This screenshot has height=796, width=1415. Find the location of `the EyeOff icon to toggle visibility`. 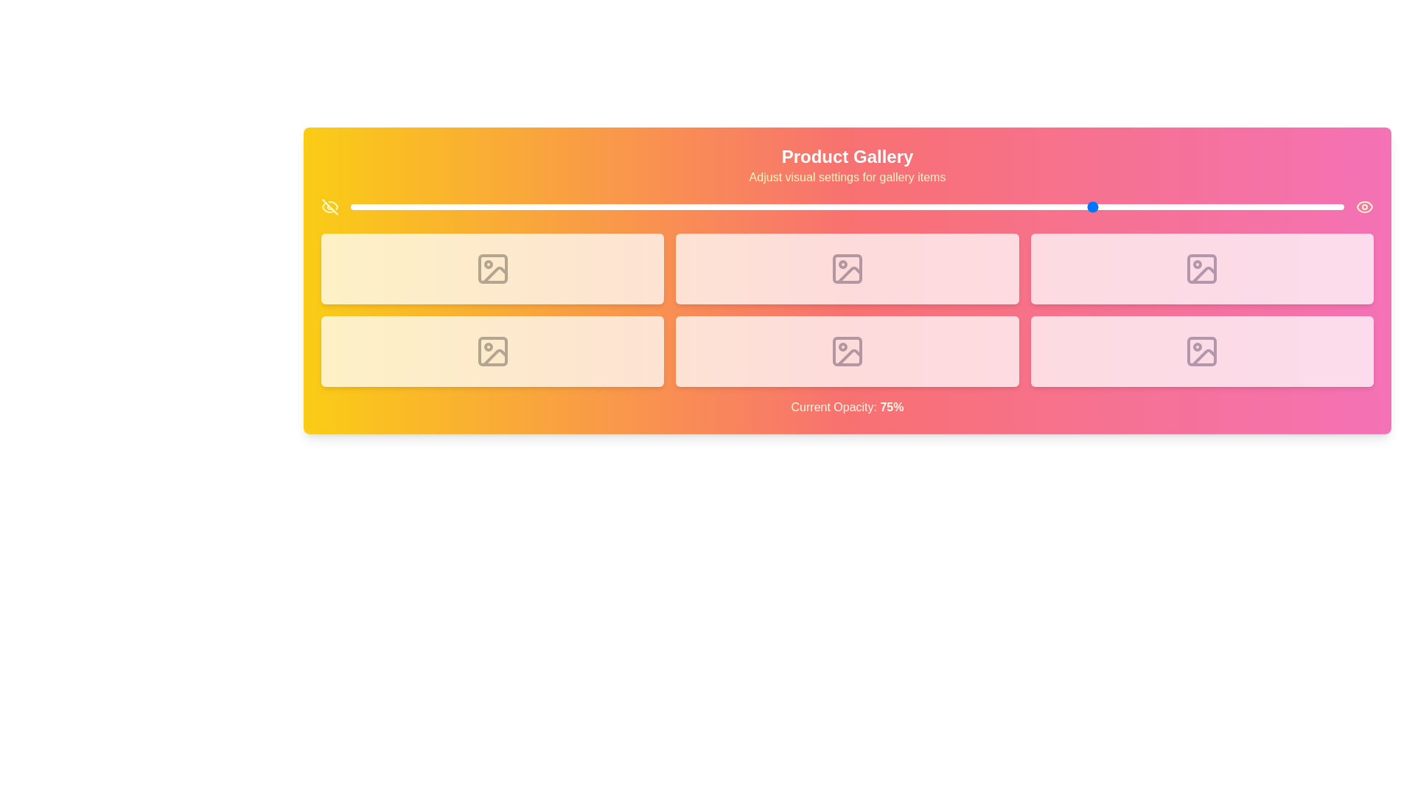

the EyeOff icon to toggle visibility is located at coordinates (329, 207).